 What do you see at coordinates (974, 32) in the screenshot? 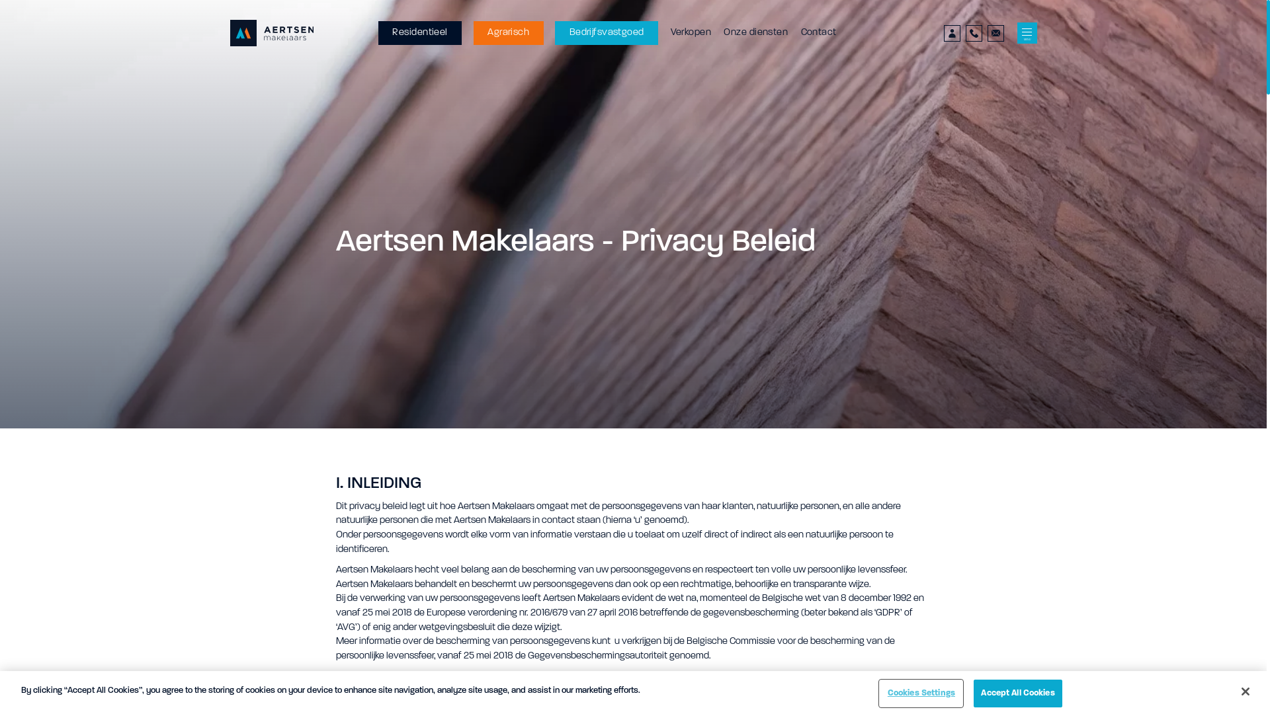
I see `'Bel ons'` at bounding box center [974, 32].